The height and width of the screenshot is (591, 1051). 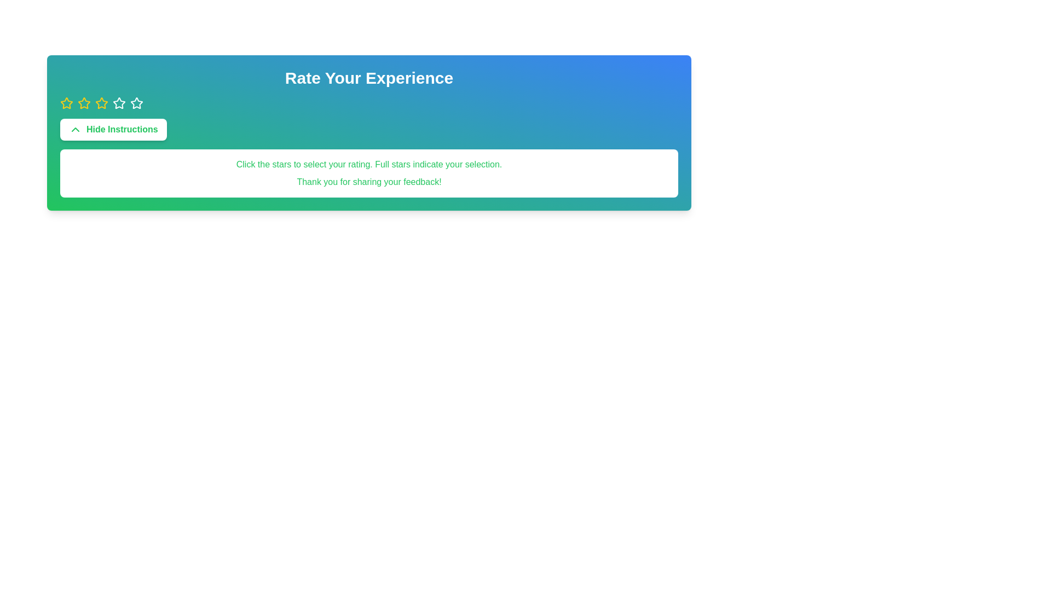 What do you see at coordinates (83, 103) in the screenshot?
I see `the second star icon in the five-star rating system to set the rating to two stars` at bounding box center [83, 103].